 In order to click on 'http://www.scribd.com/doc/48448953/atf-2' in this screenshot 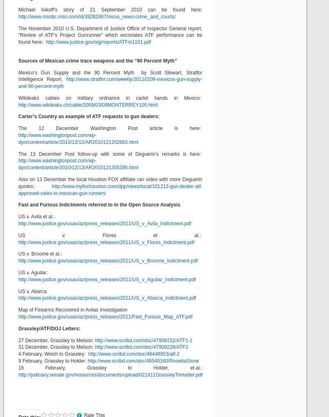, I will do `click(133, 353)`.